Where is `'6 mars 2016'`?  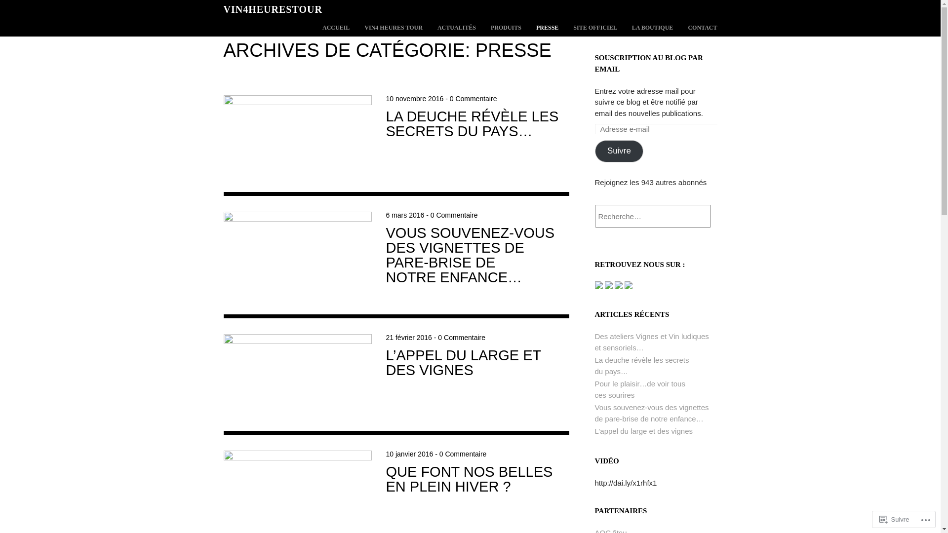 '6 mars 2016' is located at coordinates (405, 214).